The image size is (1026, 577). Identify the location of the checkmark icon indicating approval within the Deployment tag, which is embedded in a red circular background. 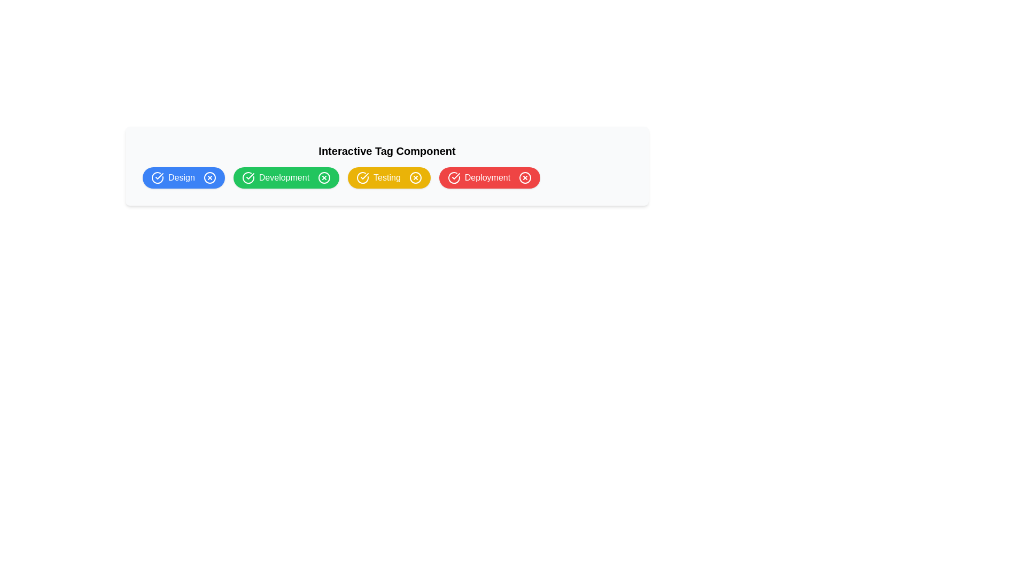
(456, 176).